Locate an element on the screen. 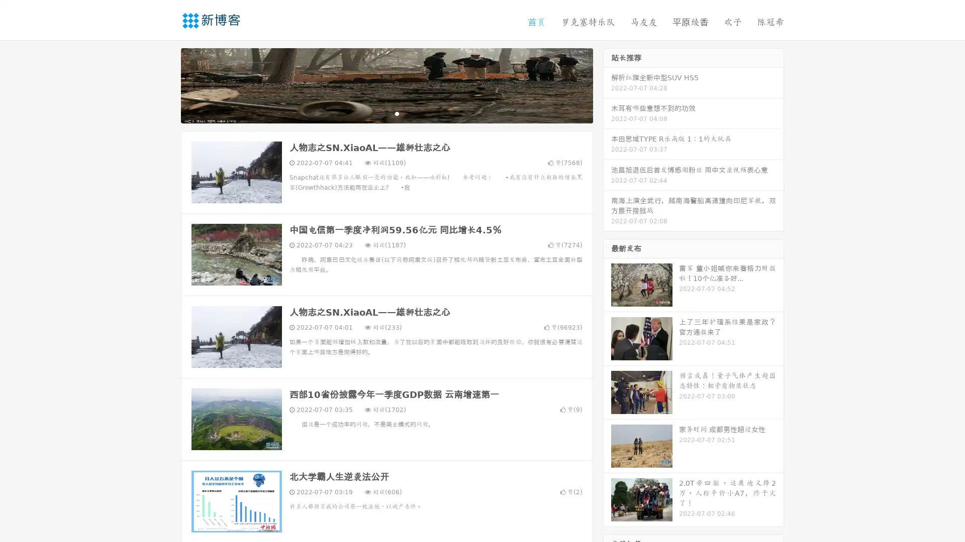 This screenshot has width=965, height=542. Previous slide is located at coordinates (166, 84).